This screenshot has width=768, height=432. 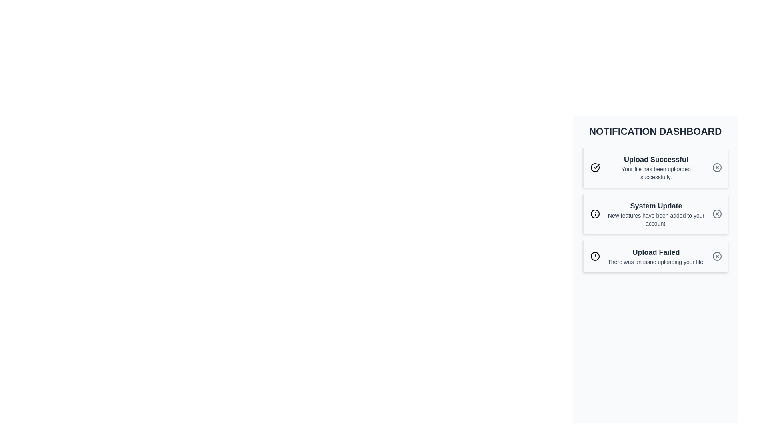 What do you see at coordinates (596, 166) in the screenshot?
I see `the checkmark icon within the circular outline in the topmost notification card on the dashboard, adjacent to the text 'Upload Successful'` at bounding box center [596, 166].